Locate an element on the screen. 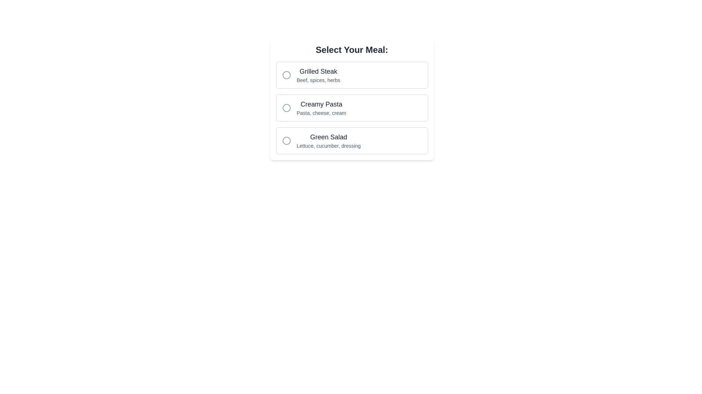 Image resolution: width=702 pixels, height=394 pixels. the selectable choice in the menu for the dish named 'Green Salad', which is the third item in a vertical list of options is located at coordinates (328, 140).